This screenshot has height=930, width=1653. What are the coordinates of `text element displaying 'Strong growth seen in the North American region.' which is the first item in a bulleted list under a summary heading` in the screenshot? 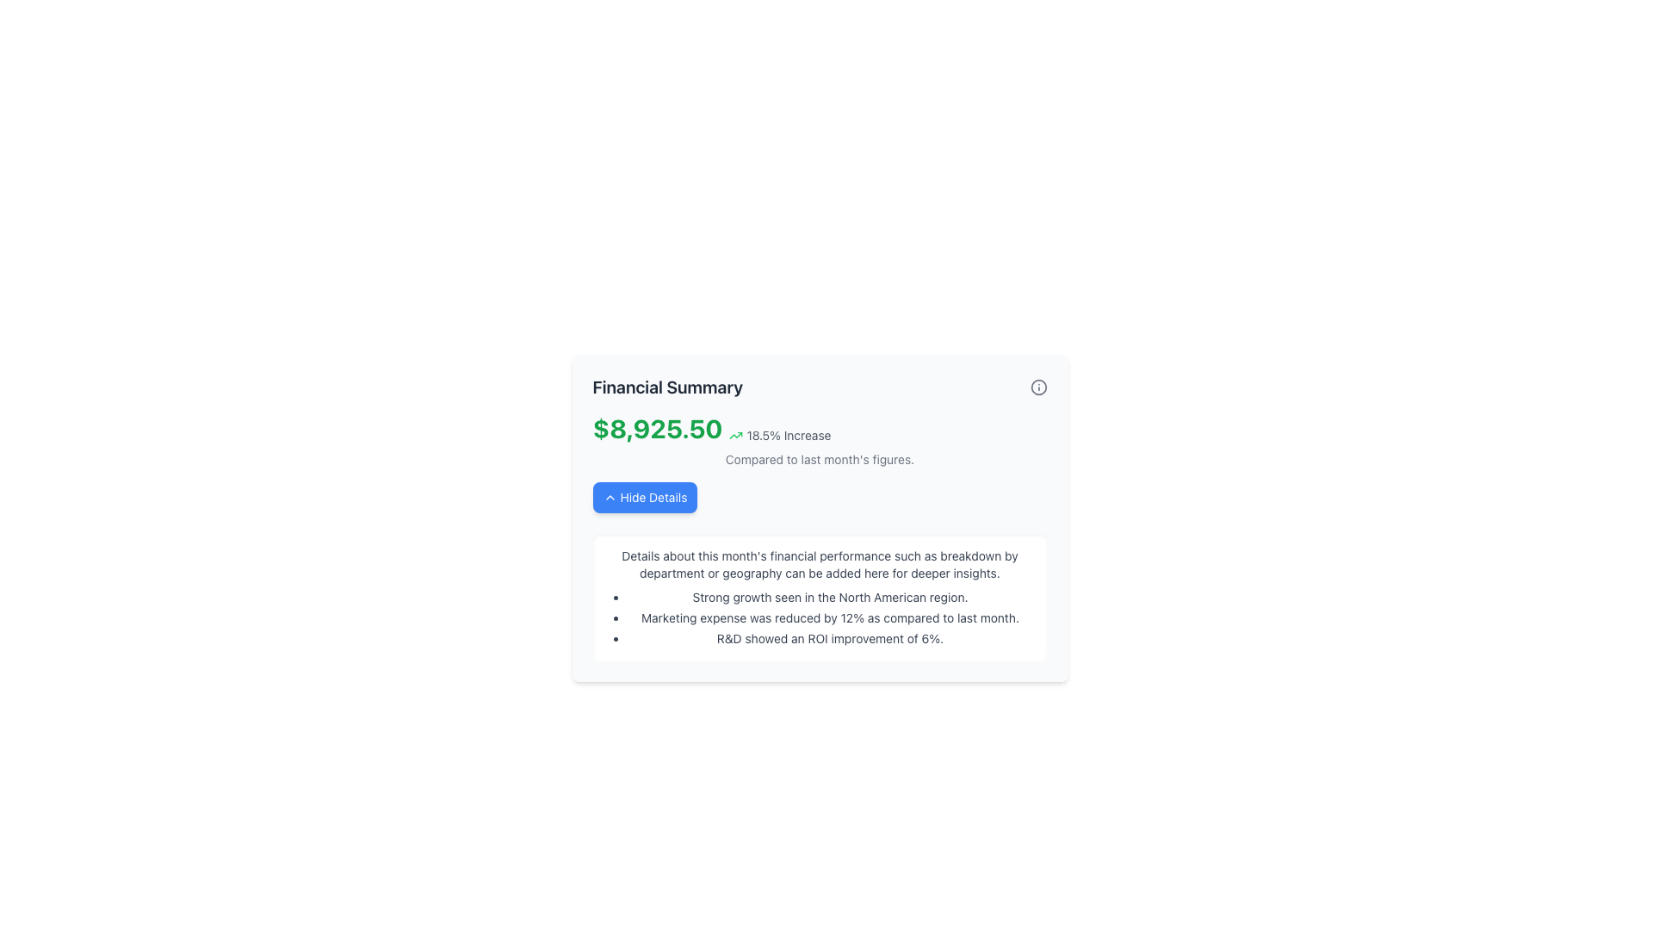 It's located at (830, 597).